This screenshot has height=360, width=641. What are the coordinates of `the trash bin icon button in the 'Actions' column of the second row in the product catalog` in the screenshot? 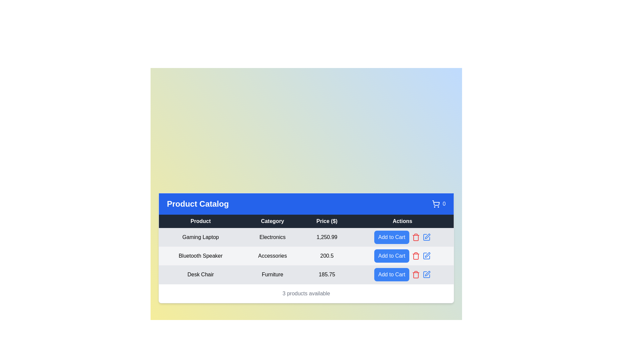 It's located at (415, 256).